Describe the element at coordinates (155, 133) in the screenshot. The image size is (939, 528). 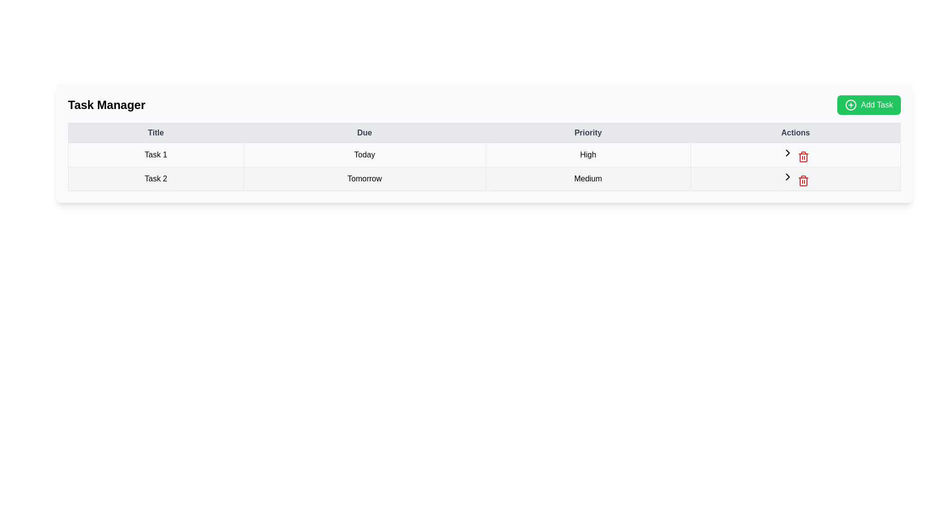
I see `the first column header of the table, which describes the content of the corresponding cells below and is located at the top-left of the table layout` at that location.